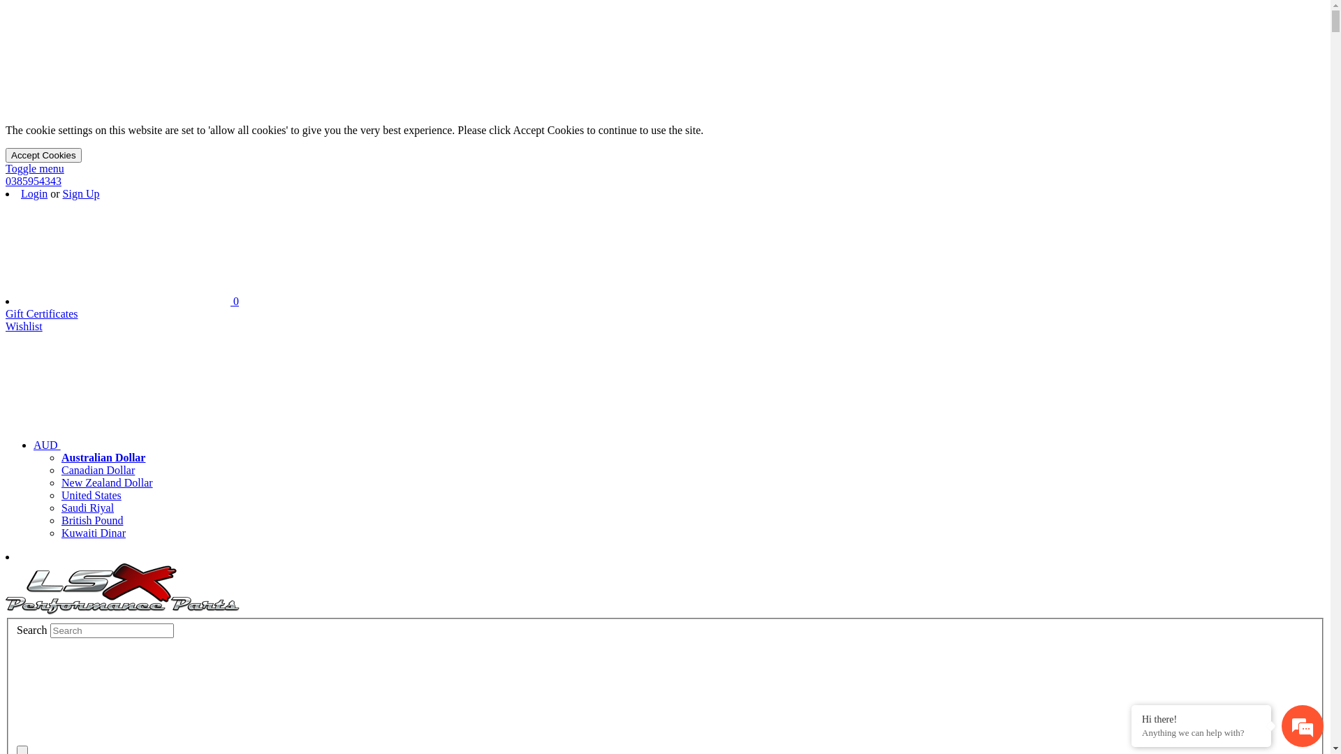 The image size is (1341, 754). What do you see at coordinates (34, 193) in the screenshot?
I see `'Login'` at bounding box center [34, 193].